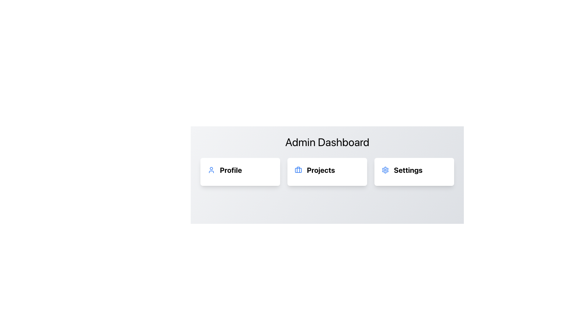 This screenshot has height=328, width=584. Describe the element at coordinates (414, 172) in the screenshot. I see `the 'Settings' button, which is the rightmost element in a grid of three buttons labeled 'Profile', 'Projects', and 'Settings'` at that location.